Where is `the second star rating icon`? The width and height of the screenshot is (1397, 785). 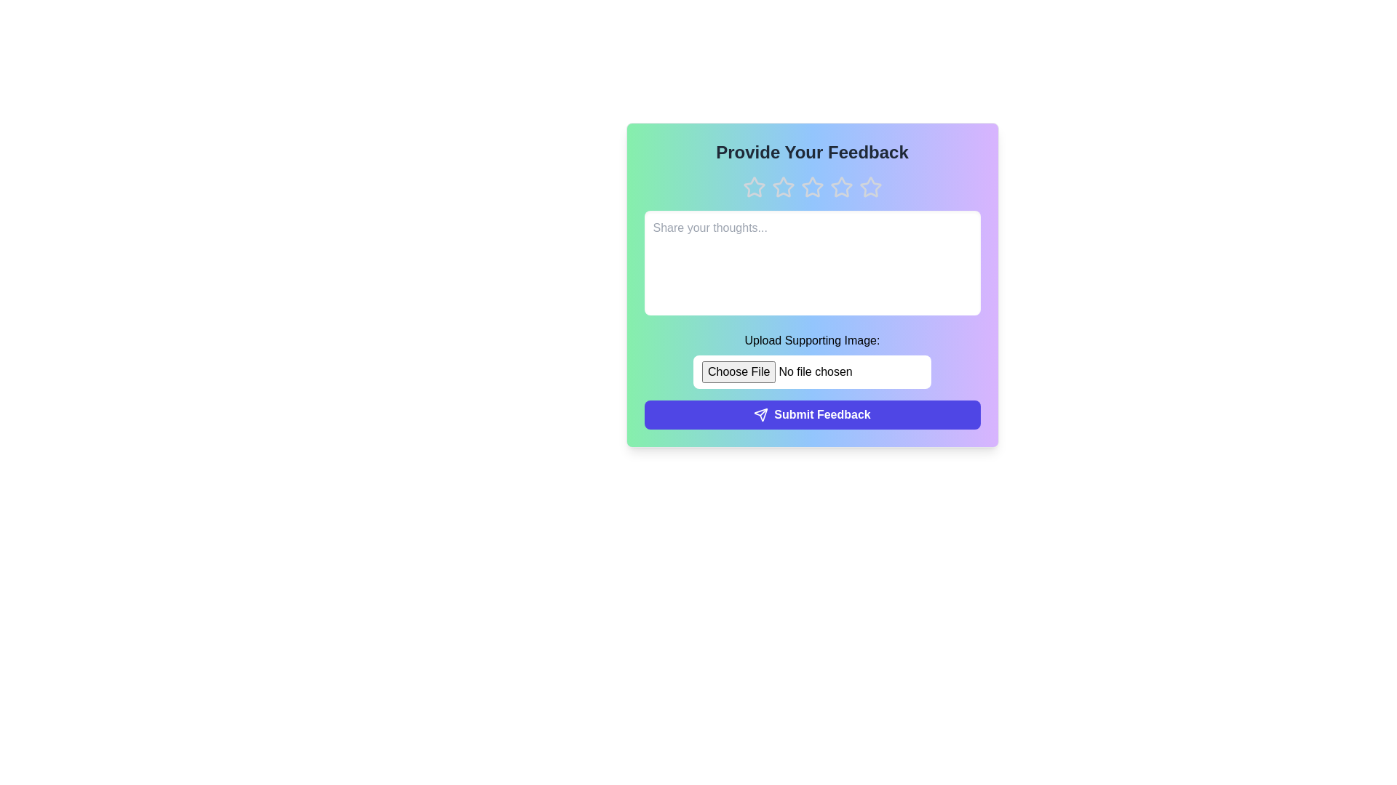 the second star rating icon is located at coordinates (782, 186).